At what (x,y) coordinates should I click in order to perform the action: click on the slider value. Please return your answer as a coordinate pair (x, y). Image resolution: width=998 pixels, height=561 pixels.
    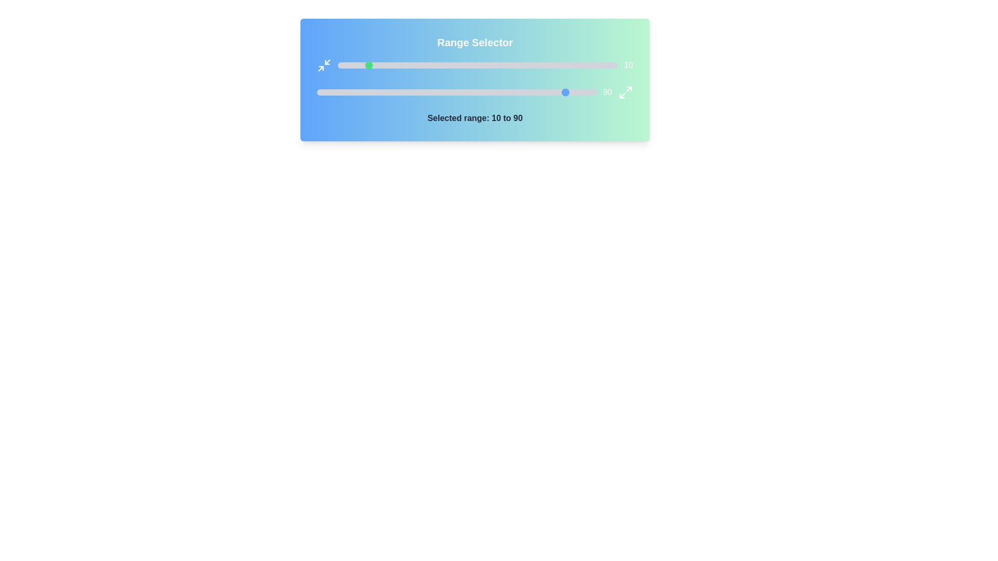
    Looking at the image, I should click on (431, 91).